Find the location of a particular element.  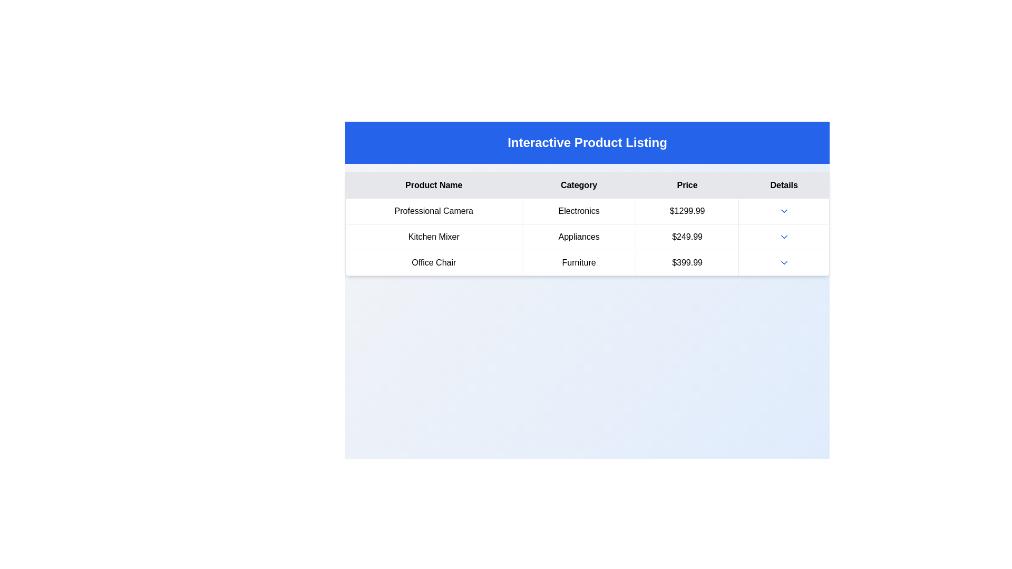

the column header label that indicates product categories, located between 'Product Name' and 'Price' in the upper portion of the table is located at coordinates (578, 184).